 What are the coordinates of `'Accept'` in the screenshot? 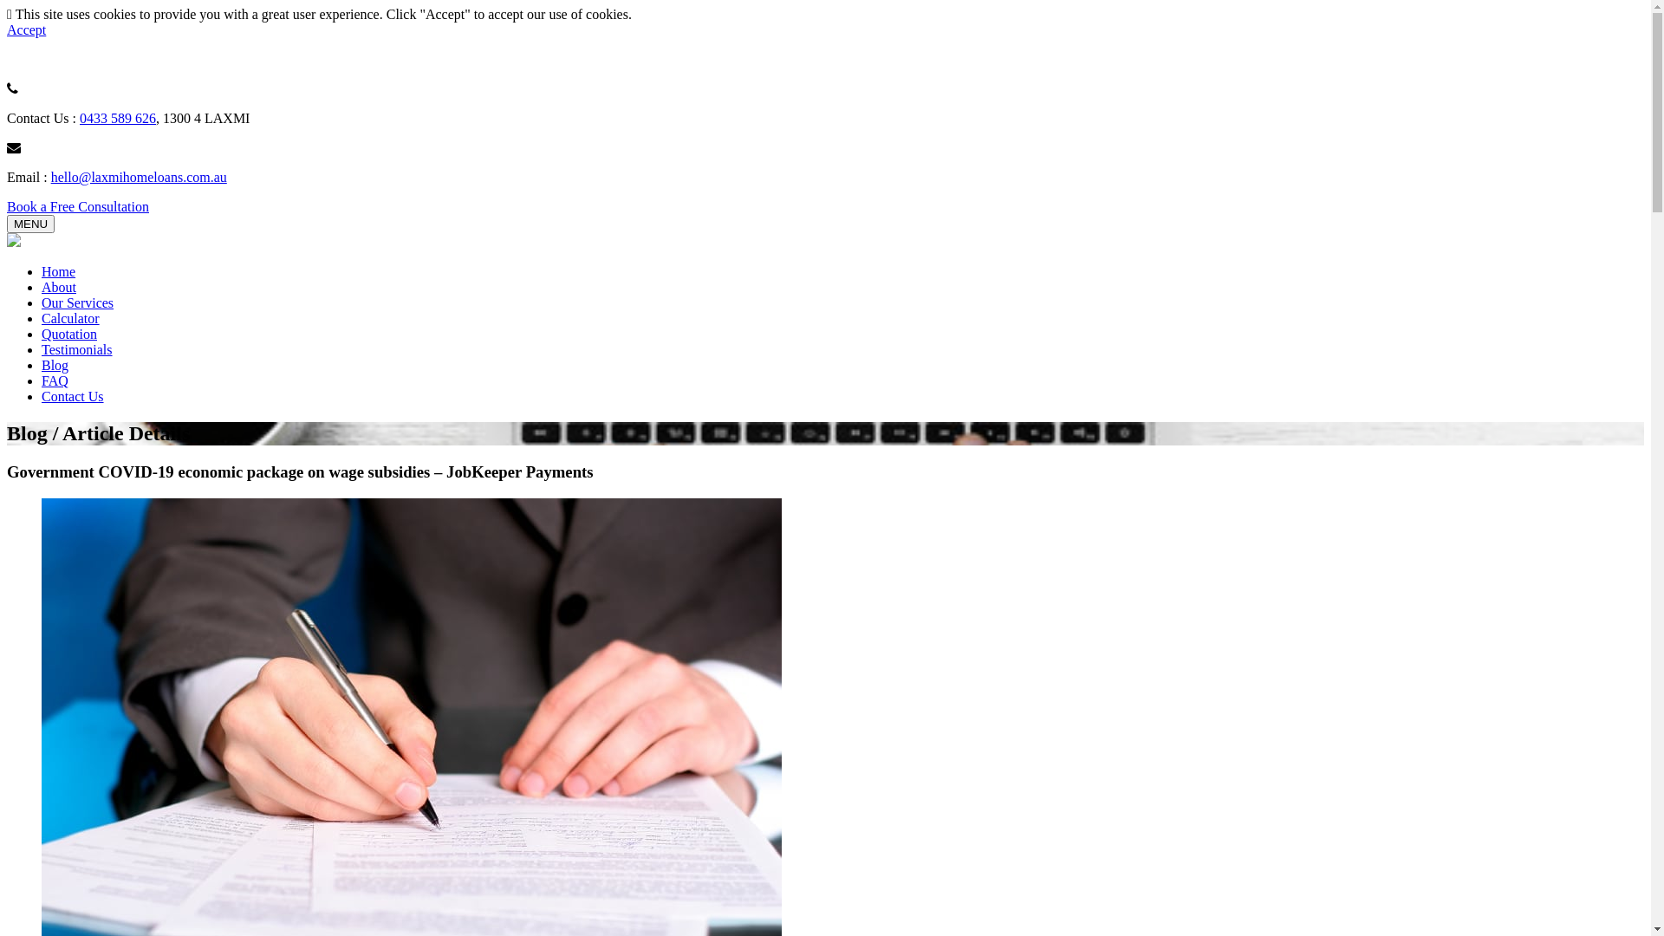 It's located at (26, 29).